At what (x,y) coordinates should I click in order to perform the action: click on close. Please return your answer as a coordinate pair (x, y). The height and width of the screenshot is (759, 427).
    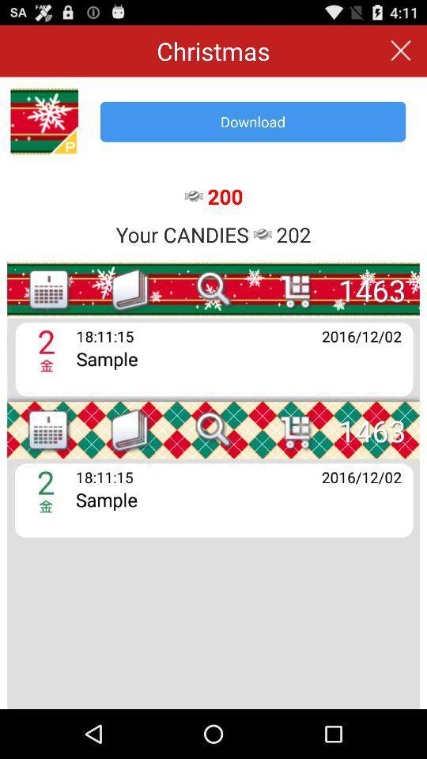
    Looking at the image, I should click on (401, 51).